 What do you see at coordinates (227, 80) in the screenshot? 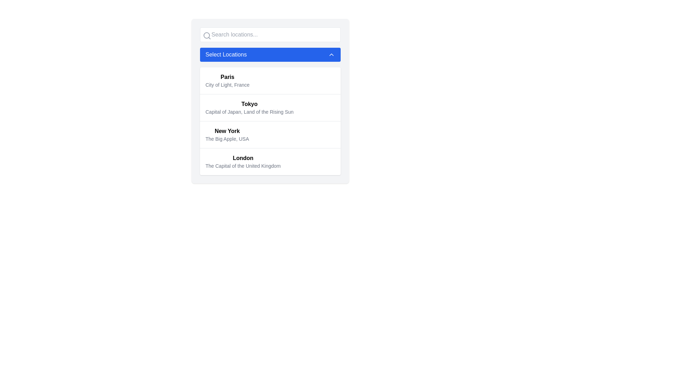
I see `the text-based list item representing the location 'Paris' in the first row under the header 'Select Locations.'` at bounding box center [227, 80].